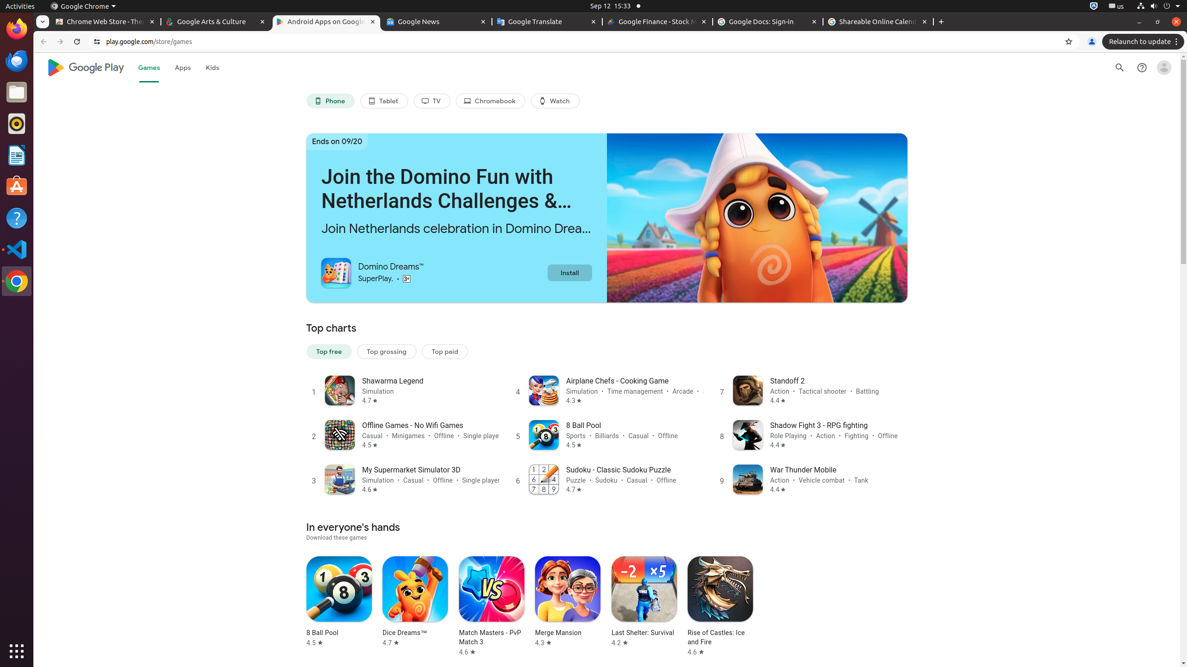 The width and height of the screenshot is (1187, 667). I want to click on 'Bookmark this tab', so click(1068, 41).